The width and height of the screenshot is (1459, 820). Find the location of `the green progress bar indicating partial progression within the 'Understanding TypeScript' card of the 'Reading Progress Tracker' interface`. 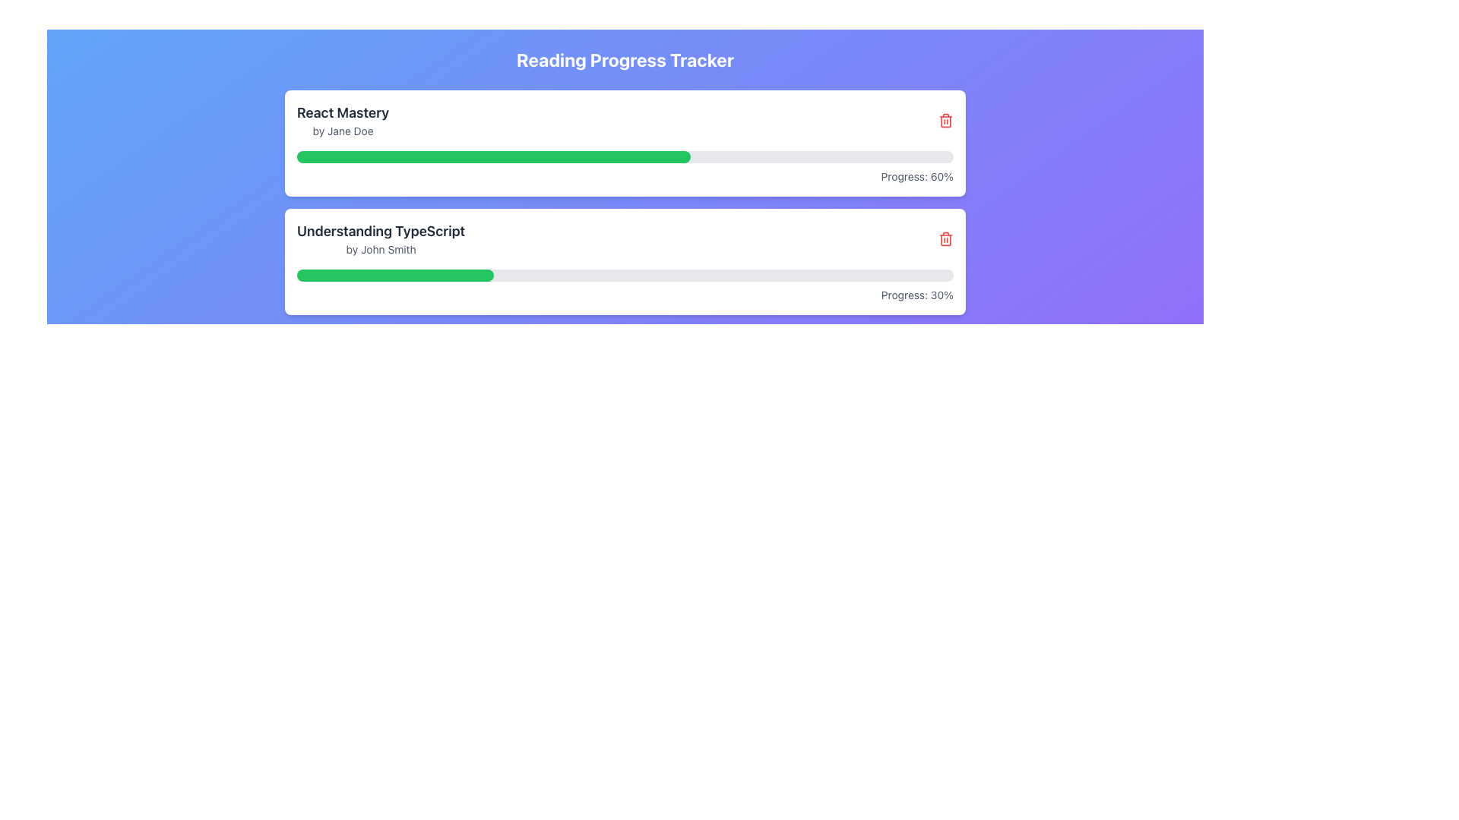

the green progress bar indicating partial progression within the 'Understanding TypeScript' card of the 'Reading Progress Tracker' interface is located at coordinates (395, 275).